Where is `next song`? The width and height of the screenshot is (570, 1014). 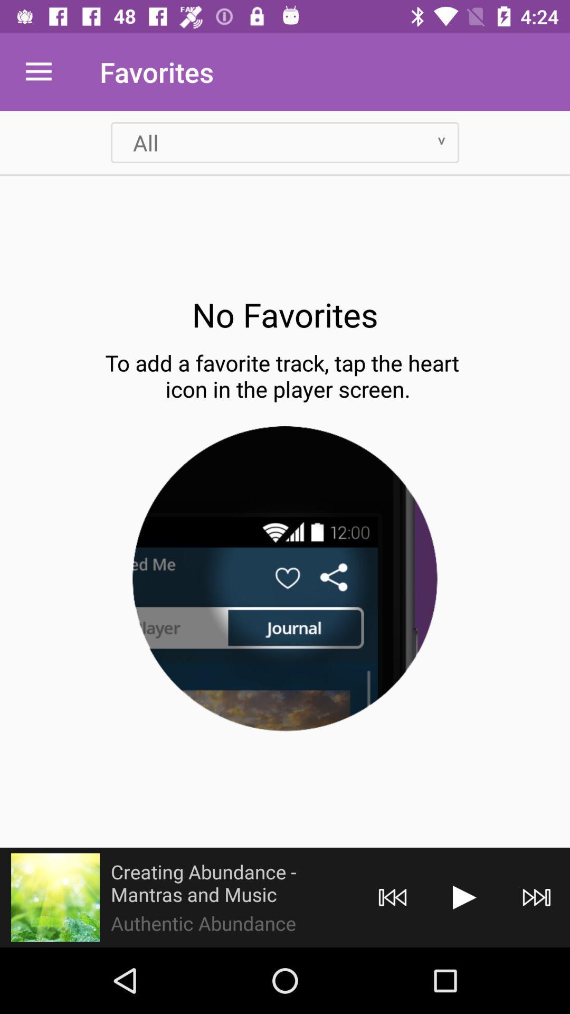 next song is located at coordinates (537, 897).